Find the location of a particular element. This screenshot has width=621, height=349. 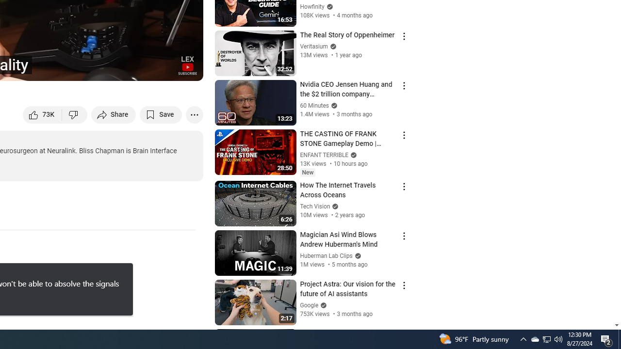

'Verified' is located at coordinates (322, 304).